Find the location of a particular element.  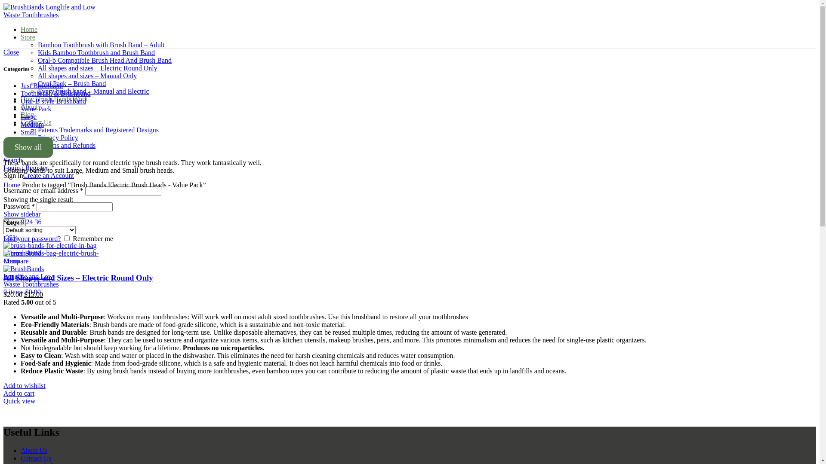

'Patents Trademarks and Registered Designs' is located at coordinates (98, 130).